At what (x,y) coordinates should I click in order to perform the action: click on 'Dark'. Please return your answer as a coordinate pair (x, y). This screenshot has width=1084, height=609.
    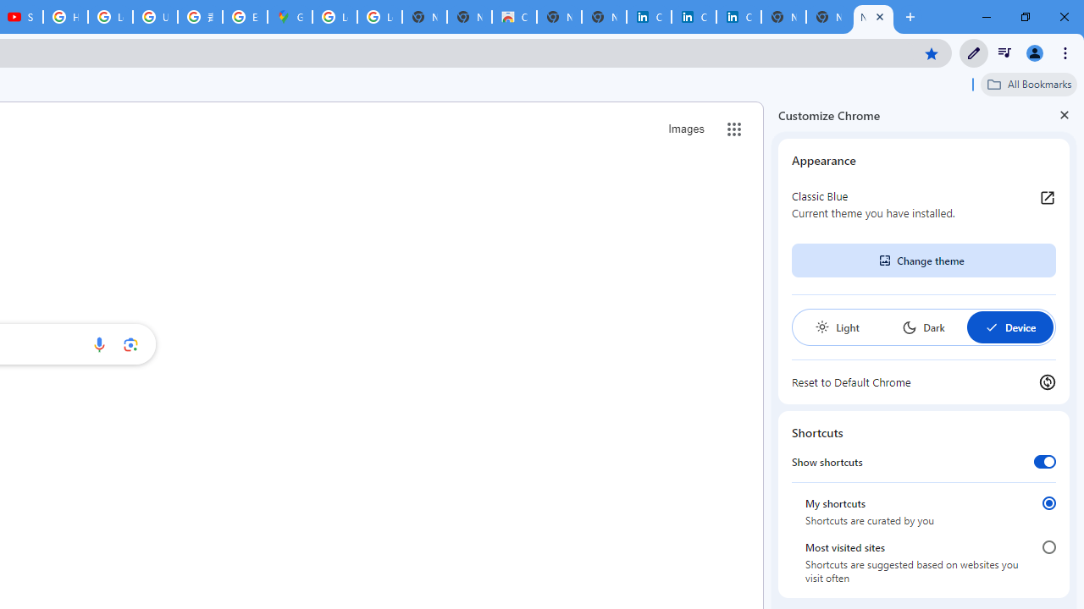
    Looking at the image, I should click on (922, 327).